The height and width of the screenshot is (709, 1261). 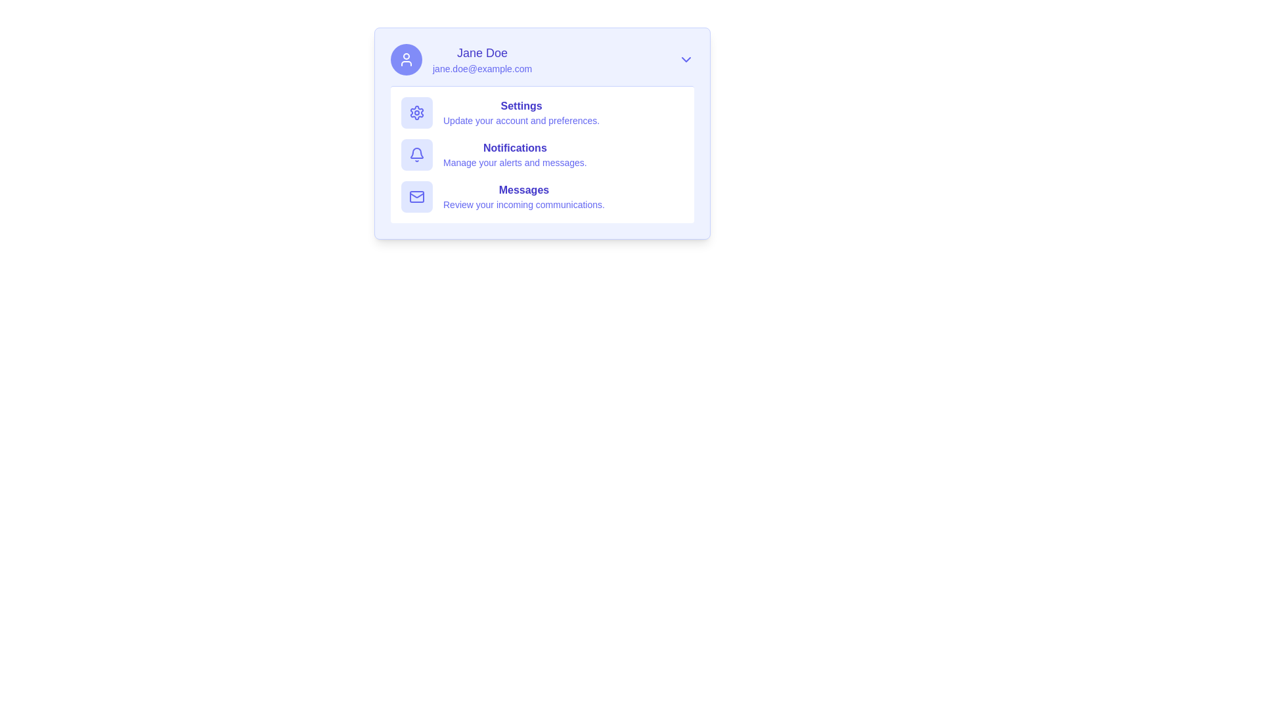 I want to click on the 'Messages' icon representing messages or email-related functionality located in the leftmost position of the dropdown panel, so click(x=416, y=197).